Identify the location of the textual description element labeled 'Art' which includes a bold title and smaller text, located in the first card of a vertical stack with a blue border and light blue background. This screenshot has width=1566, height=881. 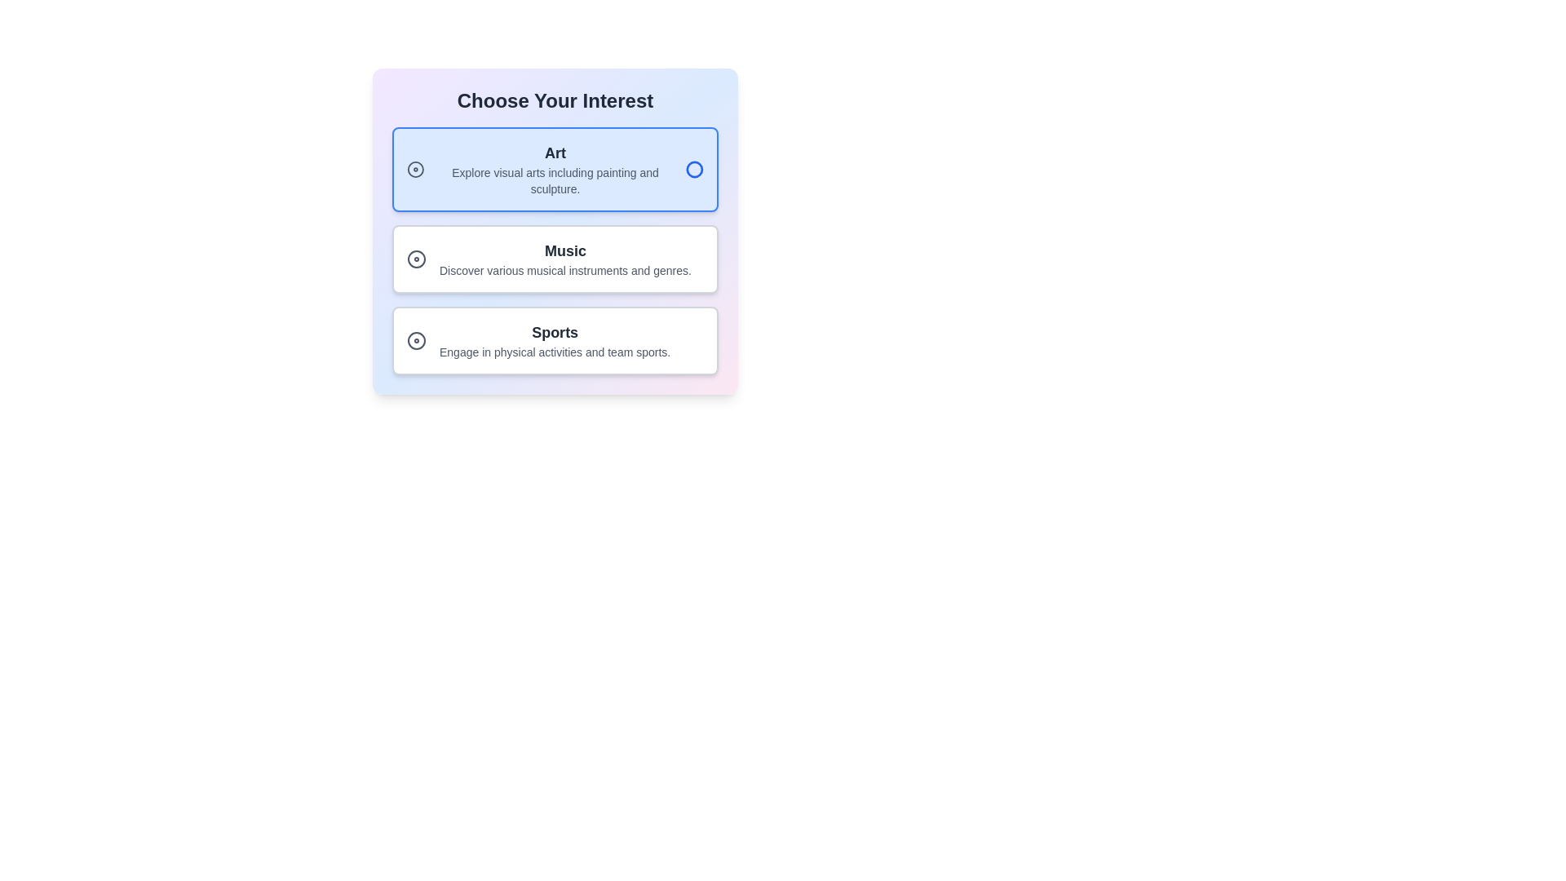
(555, 170).